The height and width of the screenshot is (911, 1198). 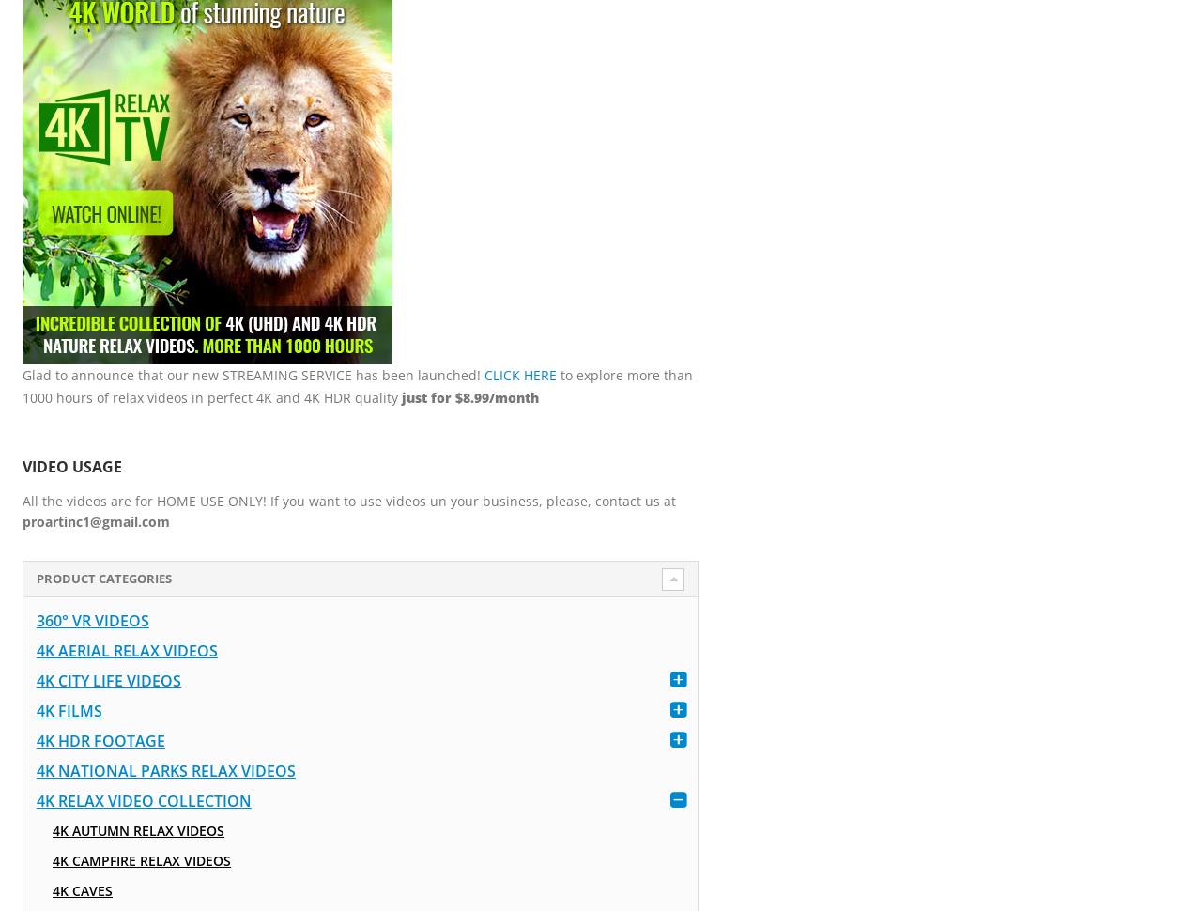 I want to click on 'Glad to announce that our new STREAMING SERVICE has been launched!', so click(x=253, y=374).